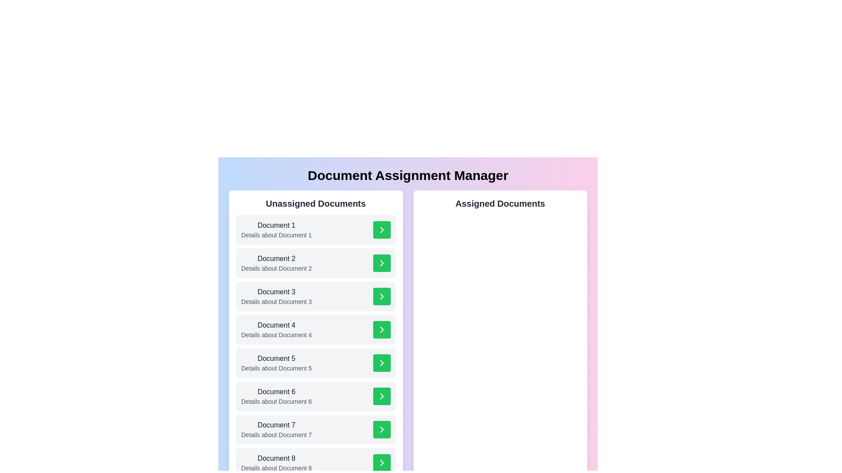 This screenshot has height=473, width=842. What do you see at coordinates (382, 296) in the screenshot?
I see `the rightward-pointing chevron icon located on the right side of the 'Document 3' entry in the 'Unassigned Documents' column` at bounding box center [382, 296].